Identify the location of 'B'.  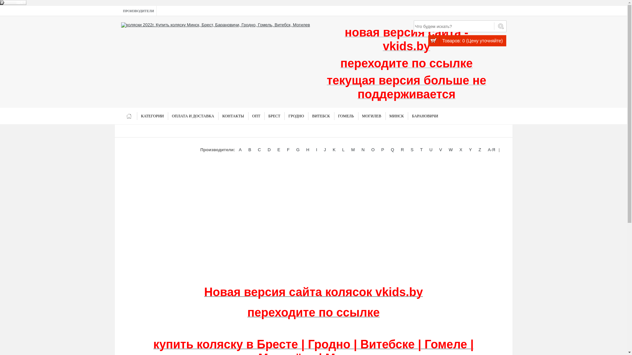
(249, 150).